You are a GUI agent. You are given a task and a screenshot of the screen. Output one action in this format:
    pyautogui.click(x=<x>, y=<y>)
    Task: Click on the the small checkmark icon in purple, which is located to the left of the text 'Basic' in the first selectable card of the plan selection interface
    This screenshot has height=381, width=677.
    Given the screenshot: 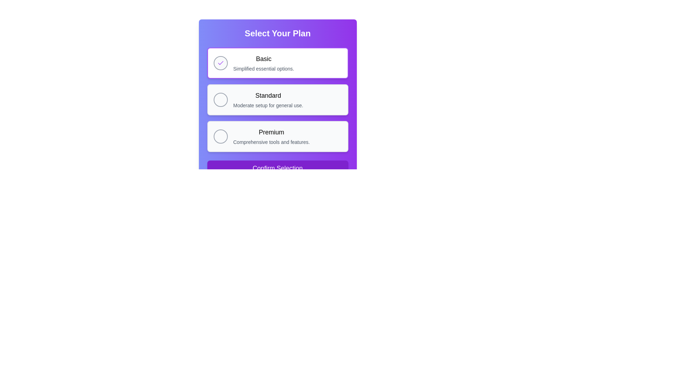 What is the action you would take?
    pyautogui.click(x=220, y=62)
    